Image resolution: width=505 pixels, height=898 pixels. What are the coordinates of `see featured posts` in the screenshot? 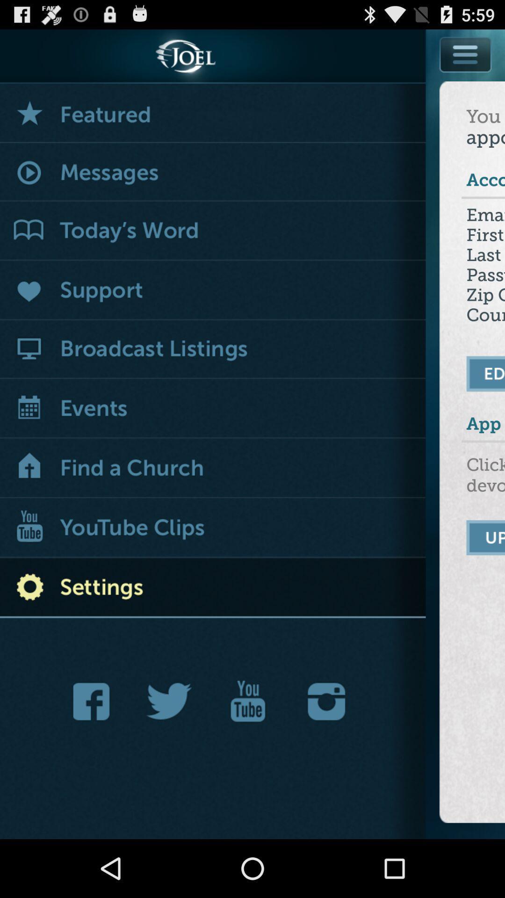 It's located at (213, 113).